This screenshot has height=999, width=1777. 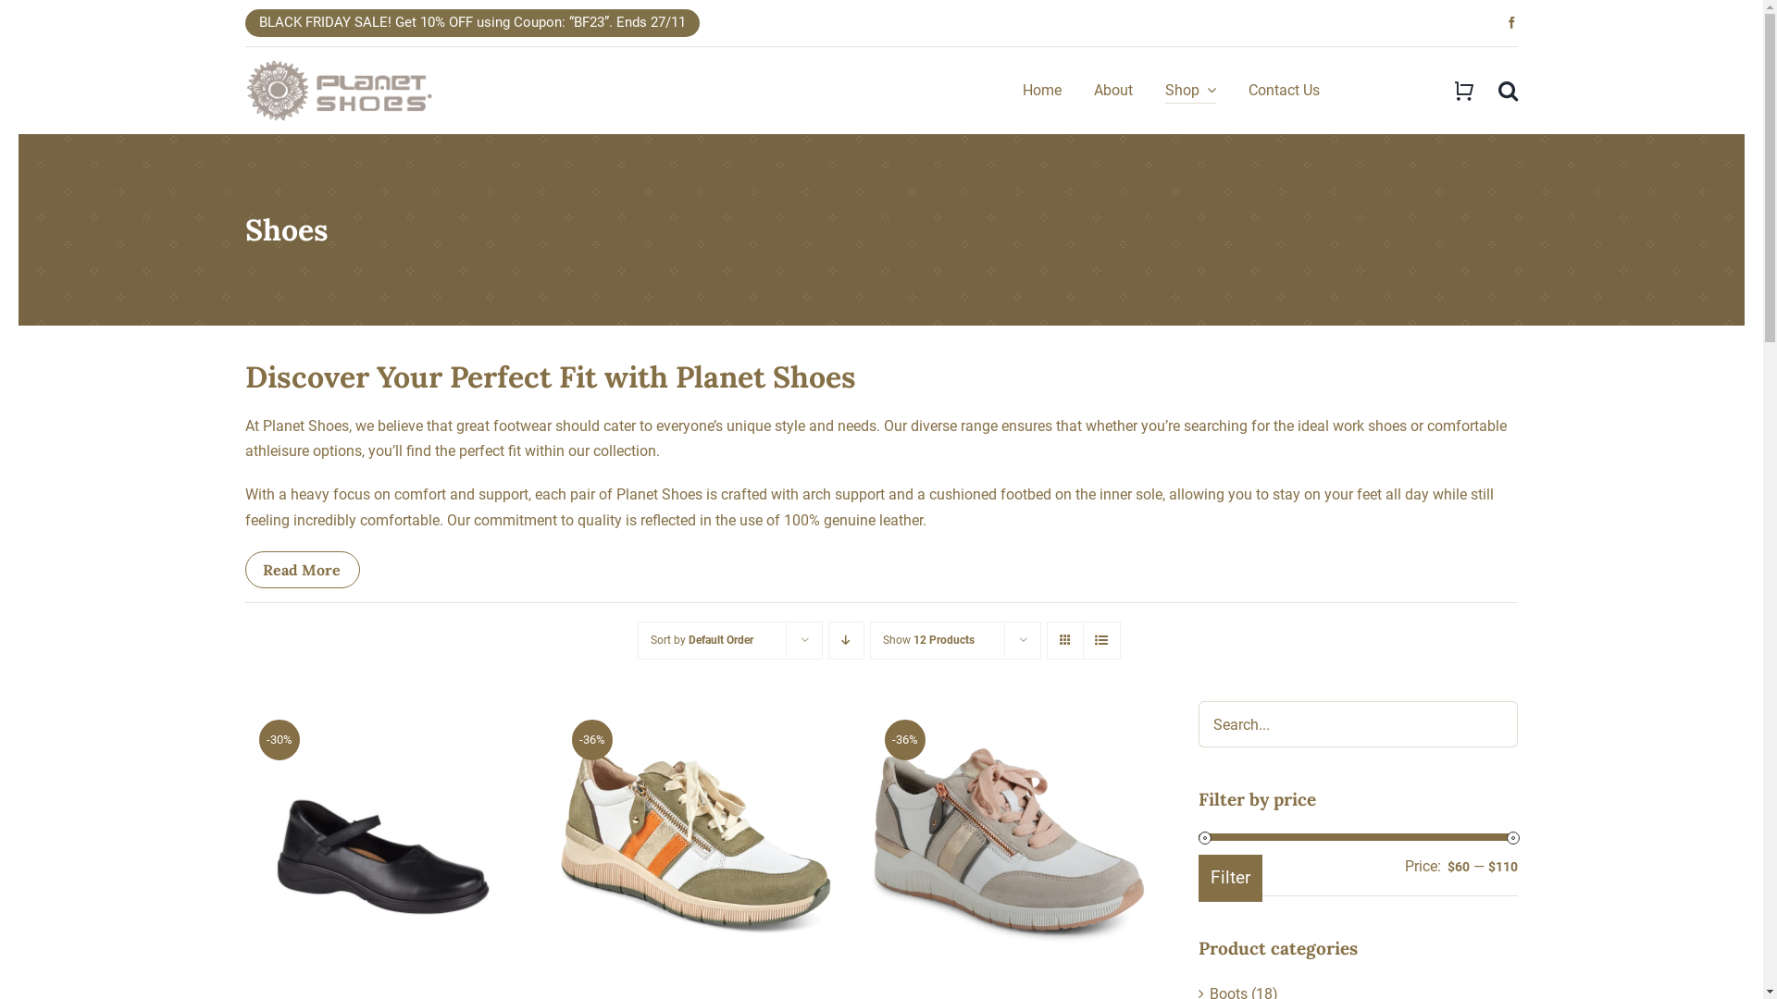 What do you see at coordinates (1508, 90) in the screenshot?
I see `'Search'` at bounding box center [1508, 90].